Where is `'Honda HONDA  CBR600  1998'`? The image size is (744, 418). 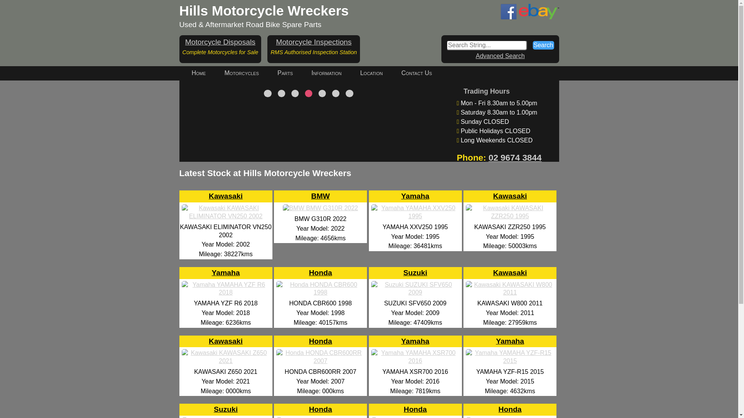 'Honda HONDA  CBR600  1998' is located at coordinates (320, 292).